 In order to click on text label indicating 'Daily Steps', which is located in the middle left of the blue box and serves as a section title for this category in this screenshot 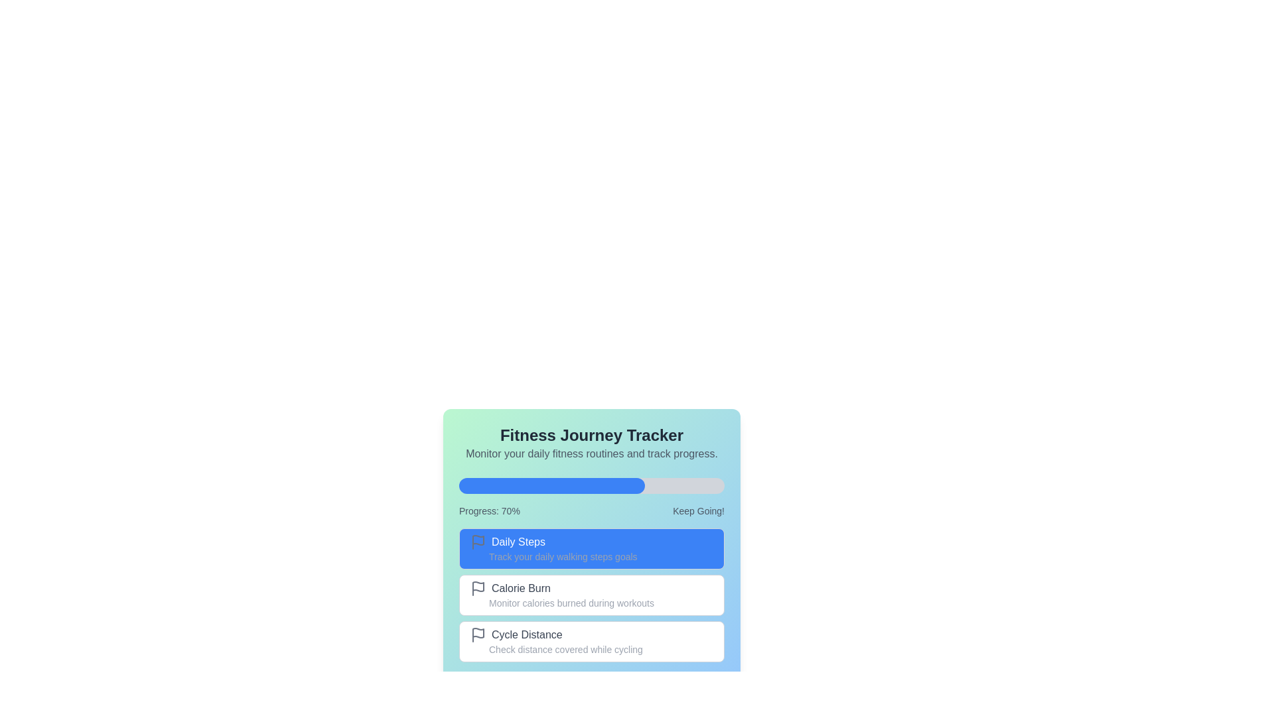, I will do `click(518, 542)`.